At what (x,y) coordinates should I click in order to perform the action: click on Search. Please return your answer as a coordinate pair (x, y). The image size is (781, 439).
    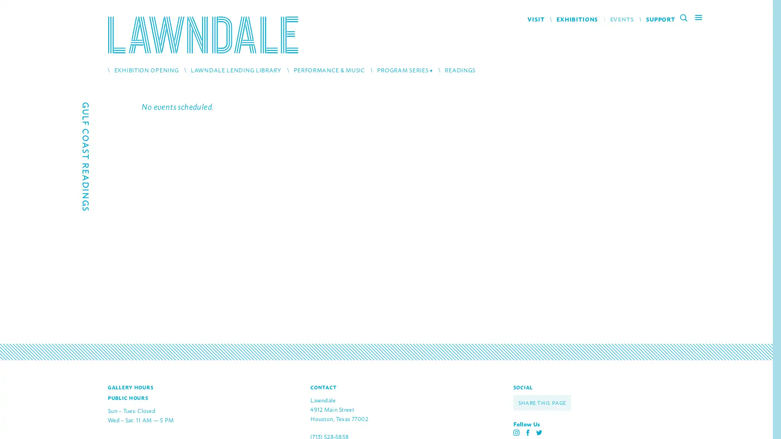
    Looking at the image, I should click on (686, 19).